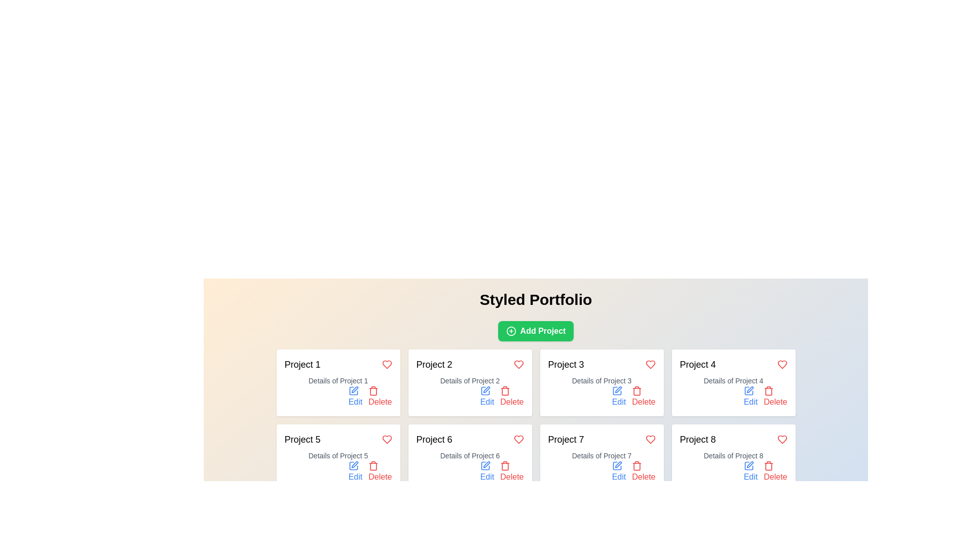 The height and width of the screenshot is (547, 973). What do you see at coordinates (781, 439) in the screenshot?
I see `the heart icon outlined in red located in the top-right corner of the Project 8 card` at bounding box center [781, 439].